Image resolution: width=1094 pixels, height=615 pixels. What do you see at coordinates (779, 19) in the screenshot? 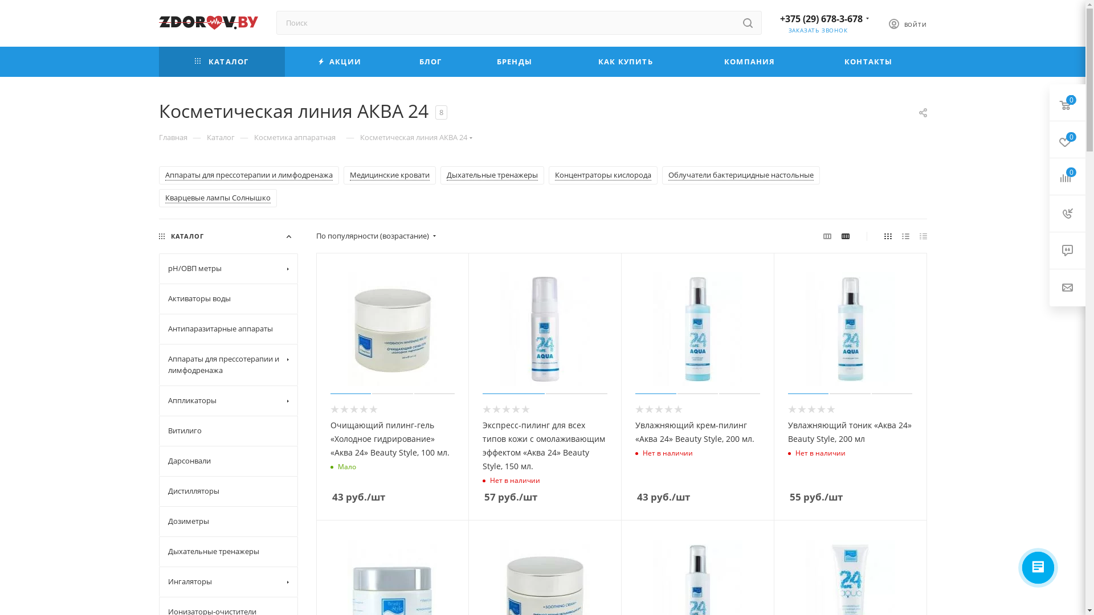
I see `'+375 (29) 678-3-678'` at bounding box center [779, 19].